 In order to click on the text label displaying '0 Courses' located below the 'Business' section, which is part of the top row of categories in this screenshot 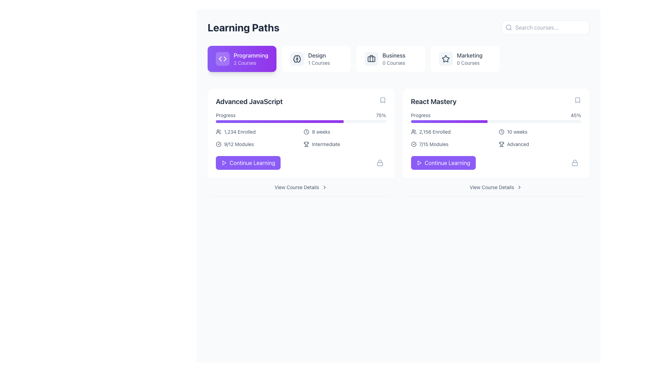, I will do `click(394, 63)`.